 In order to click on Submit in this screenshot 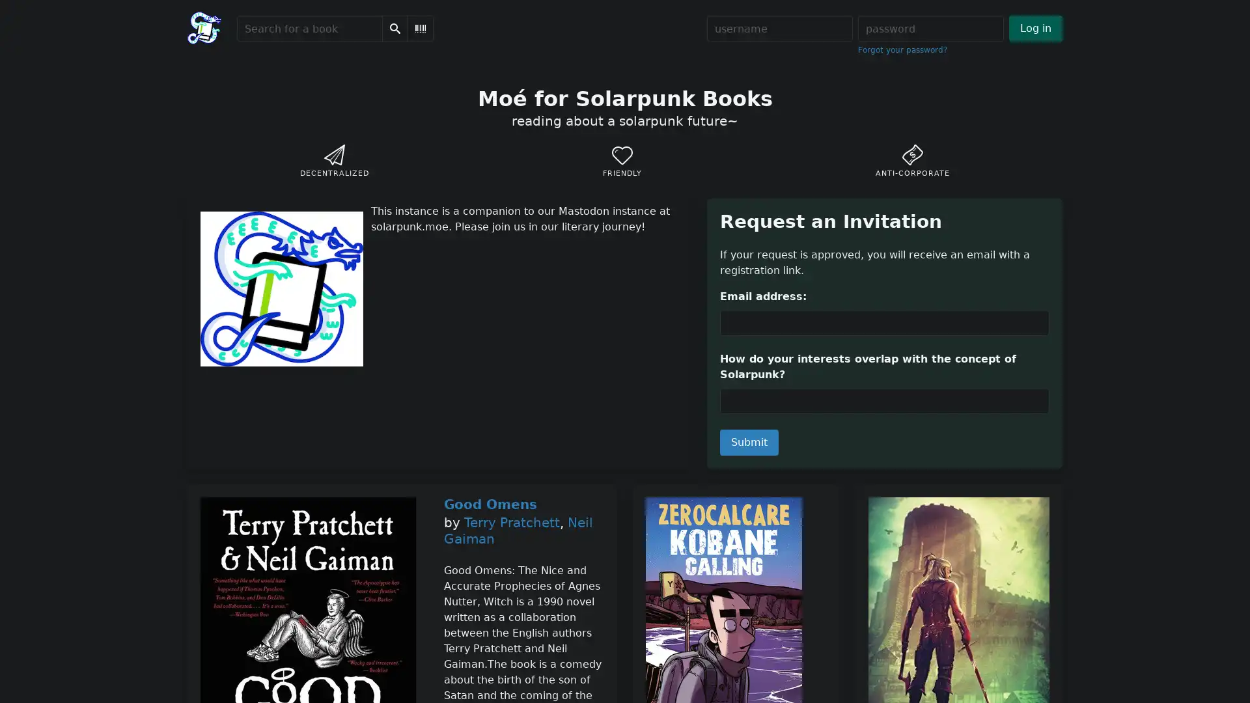, I will do `click(749, 441)`.